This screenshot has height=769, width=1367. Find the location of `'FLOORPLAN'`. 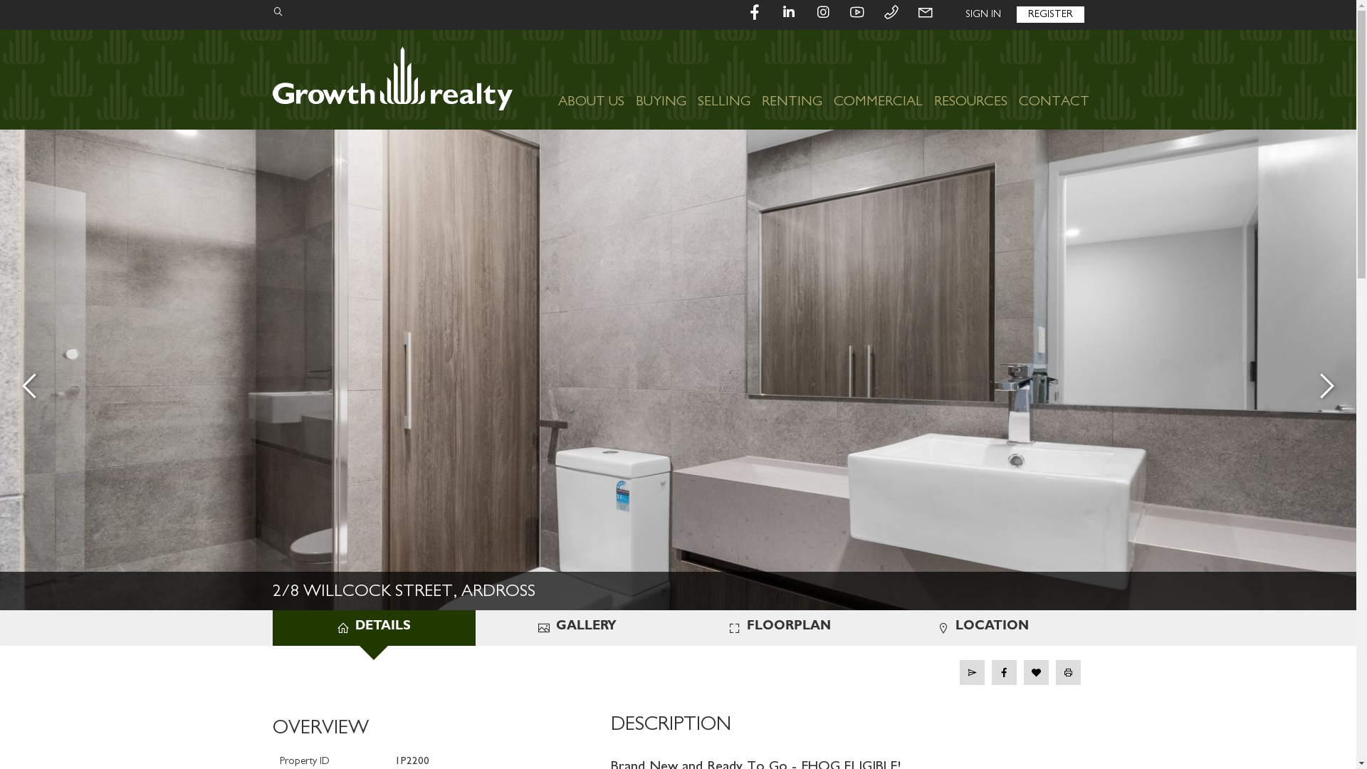

'FLOORPLAN' is located at coordinates (778, 627).